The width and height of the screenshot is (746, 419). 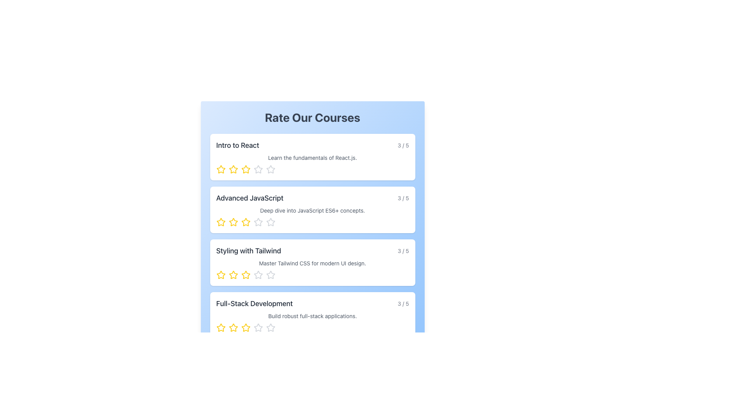 I want to click on the fourth inactive rating star for the course 'Styling with Tailwind' to set a 4-star rating, so click(x=258, y=275).